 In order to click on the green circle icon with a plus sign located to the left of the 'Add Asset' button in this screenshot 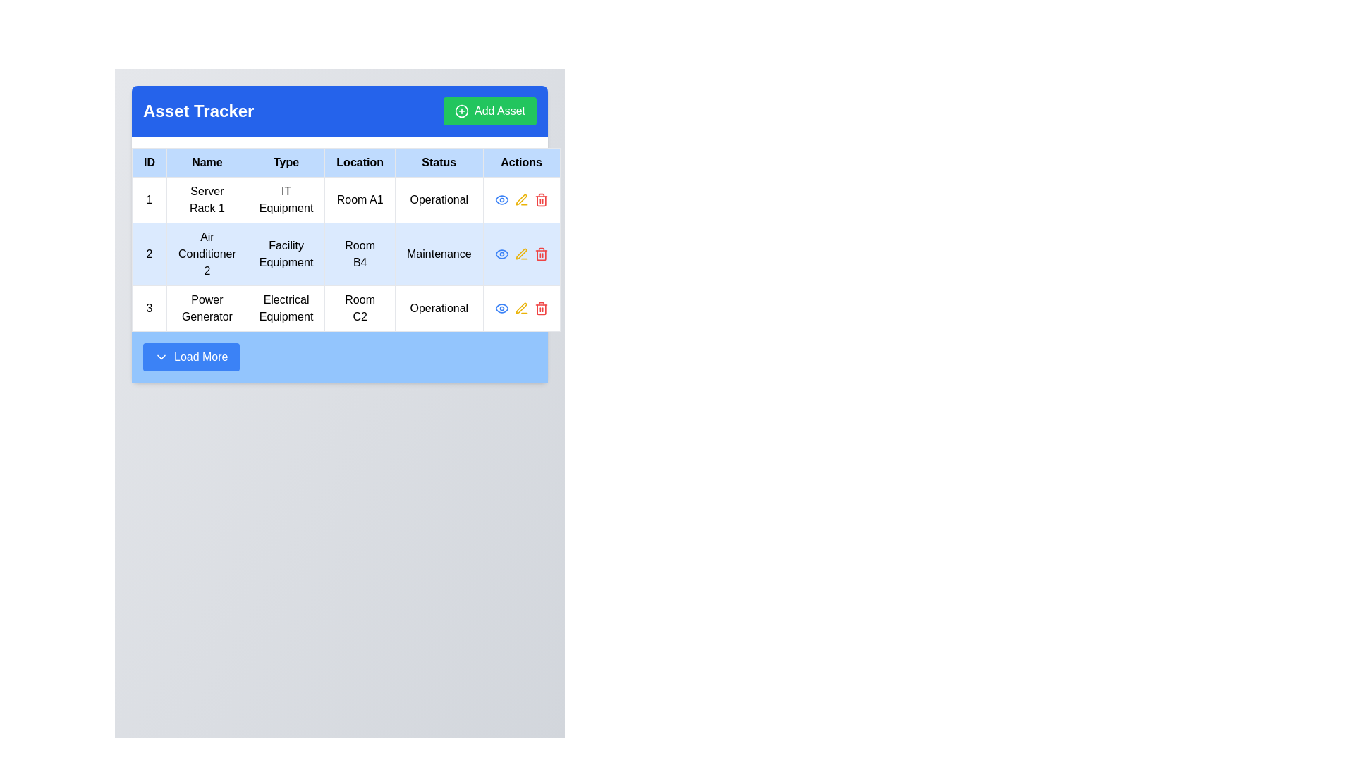, I will do `click(461, 111)`.